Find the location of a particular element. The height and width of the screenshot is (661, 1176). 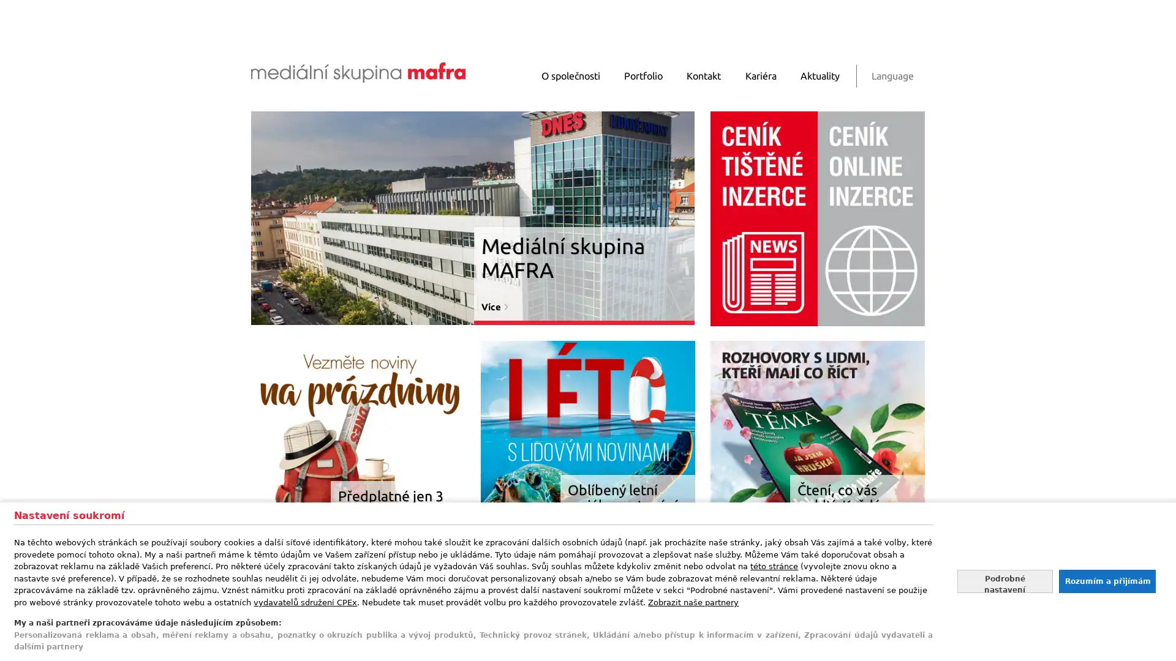

Nastavte sve souhlasy is located at coordinates (1005, 580).